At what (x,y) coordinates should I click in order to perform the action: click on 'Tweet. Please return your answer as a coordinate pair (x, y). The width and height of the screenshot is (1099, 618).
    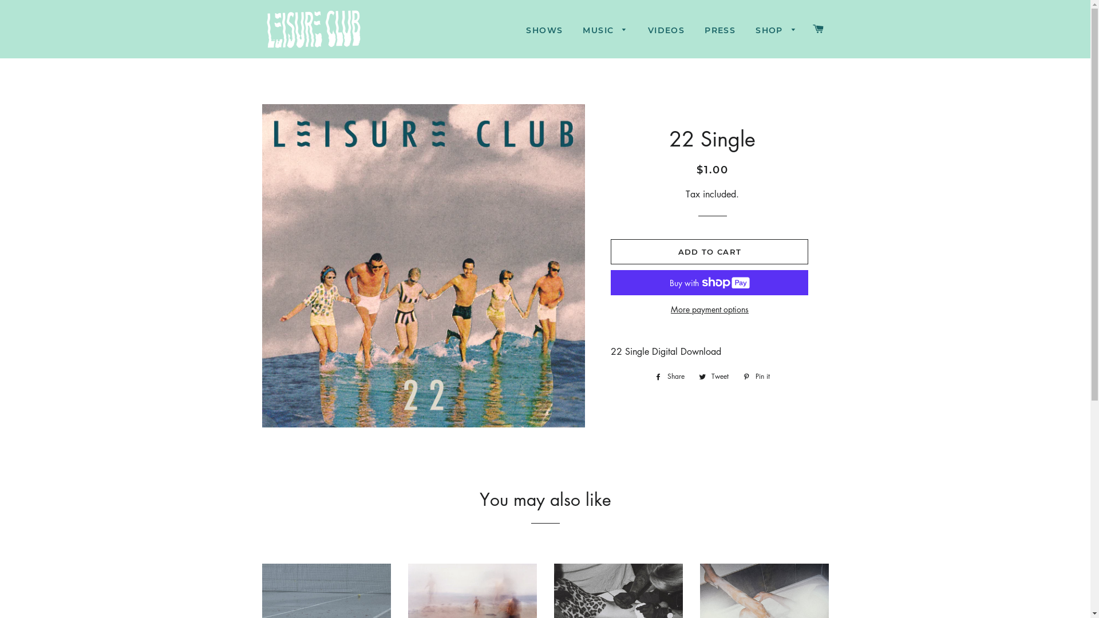
    Looking at the image, I should click on (713, 377).